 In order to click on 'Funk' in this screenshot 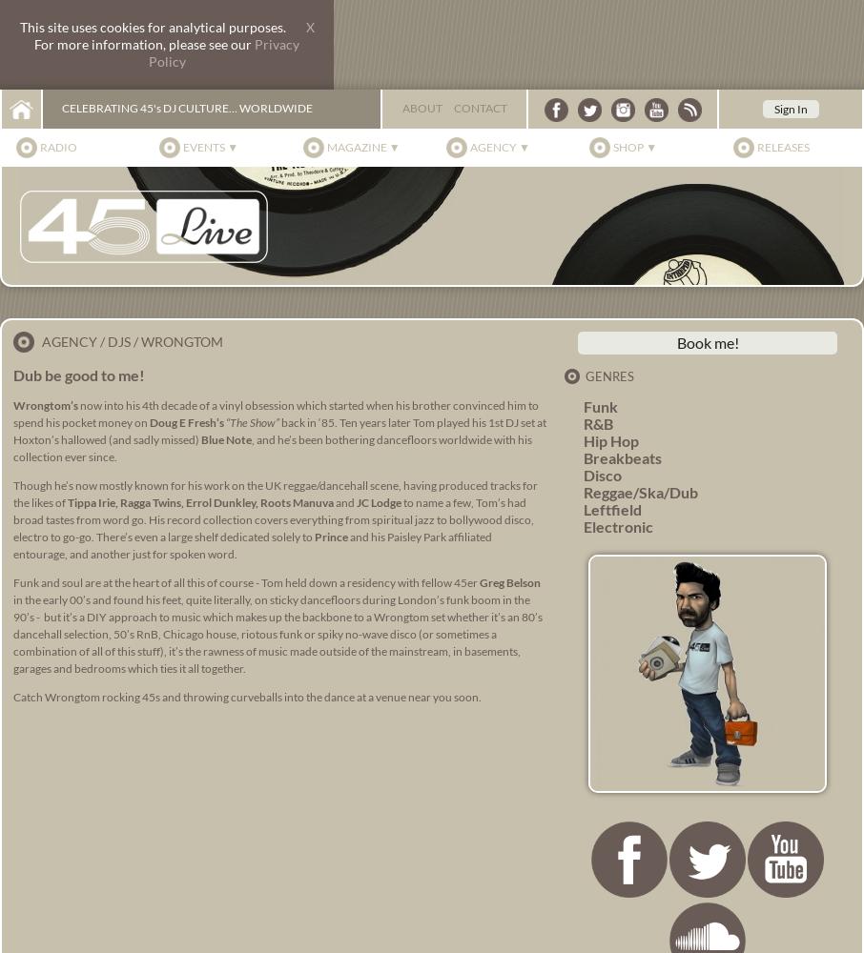, I will do `click(601, 406)`.